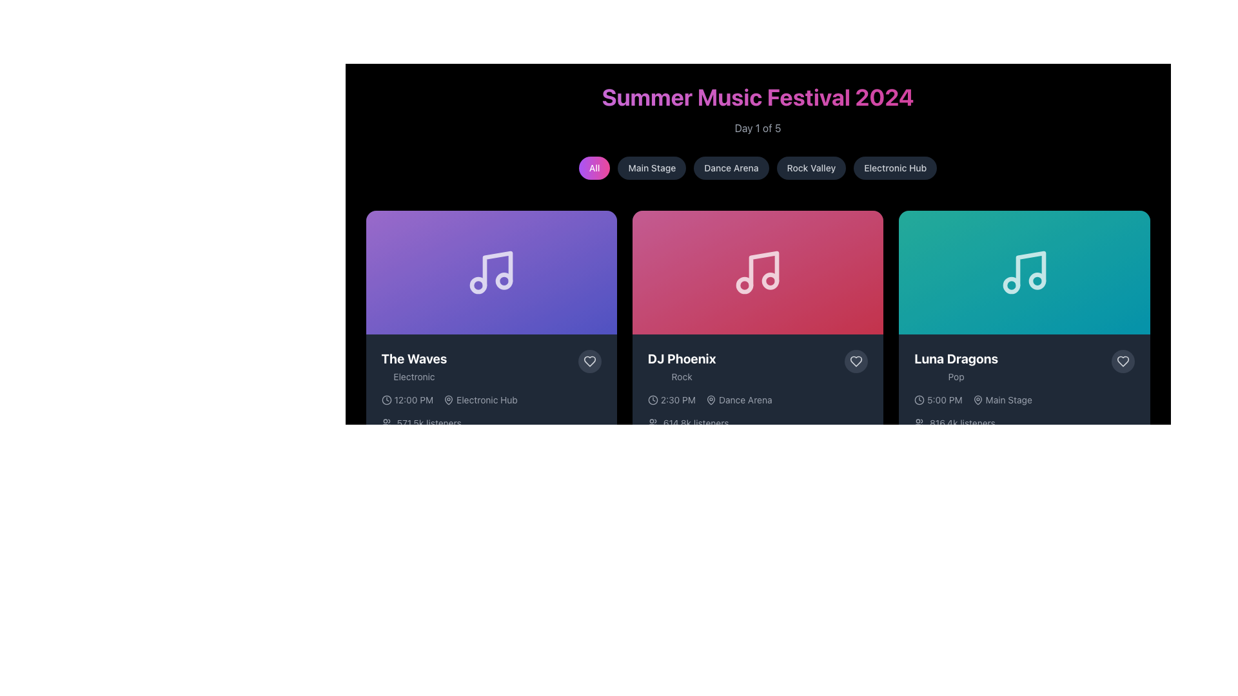  I want to click on the music-themed icon located in the middle pane of the second card in the row, so click(764, 268).